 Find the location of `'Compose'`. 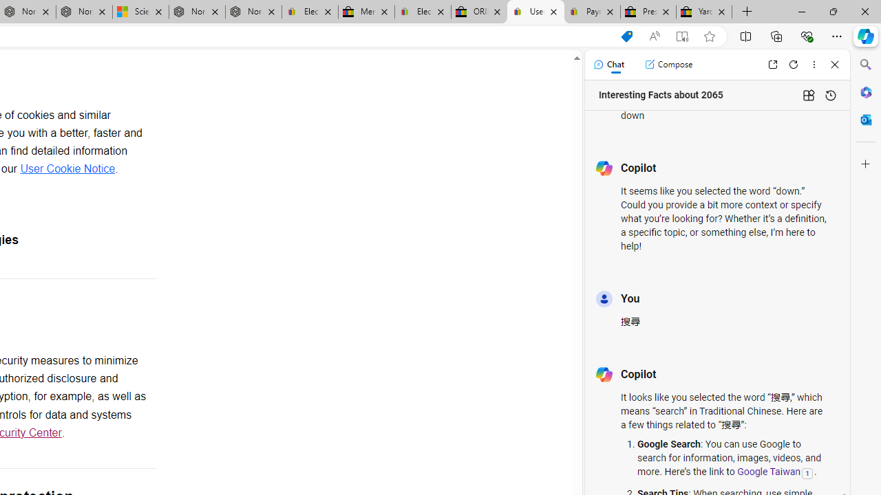

'Compose' is located at coordinates (668, 64).